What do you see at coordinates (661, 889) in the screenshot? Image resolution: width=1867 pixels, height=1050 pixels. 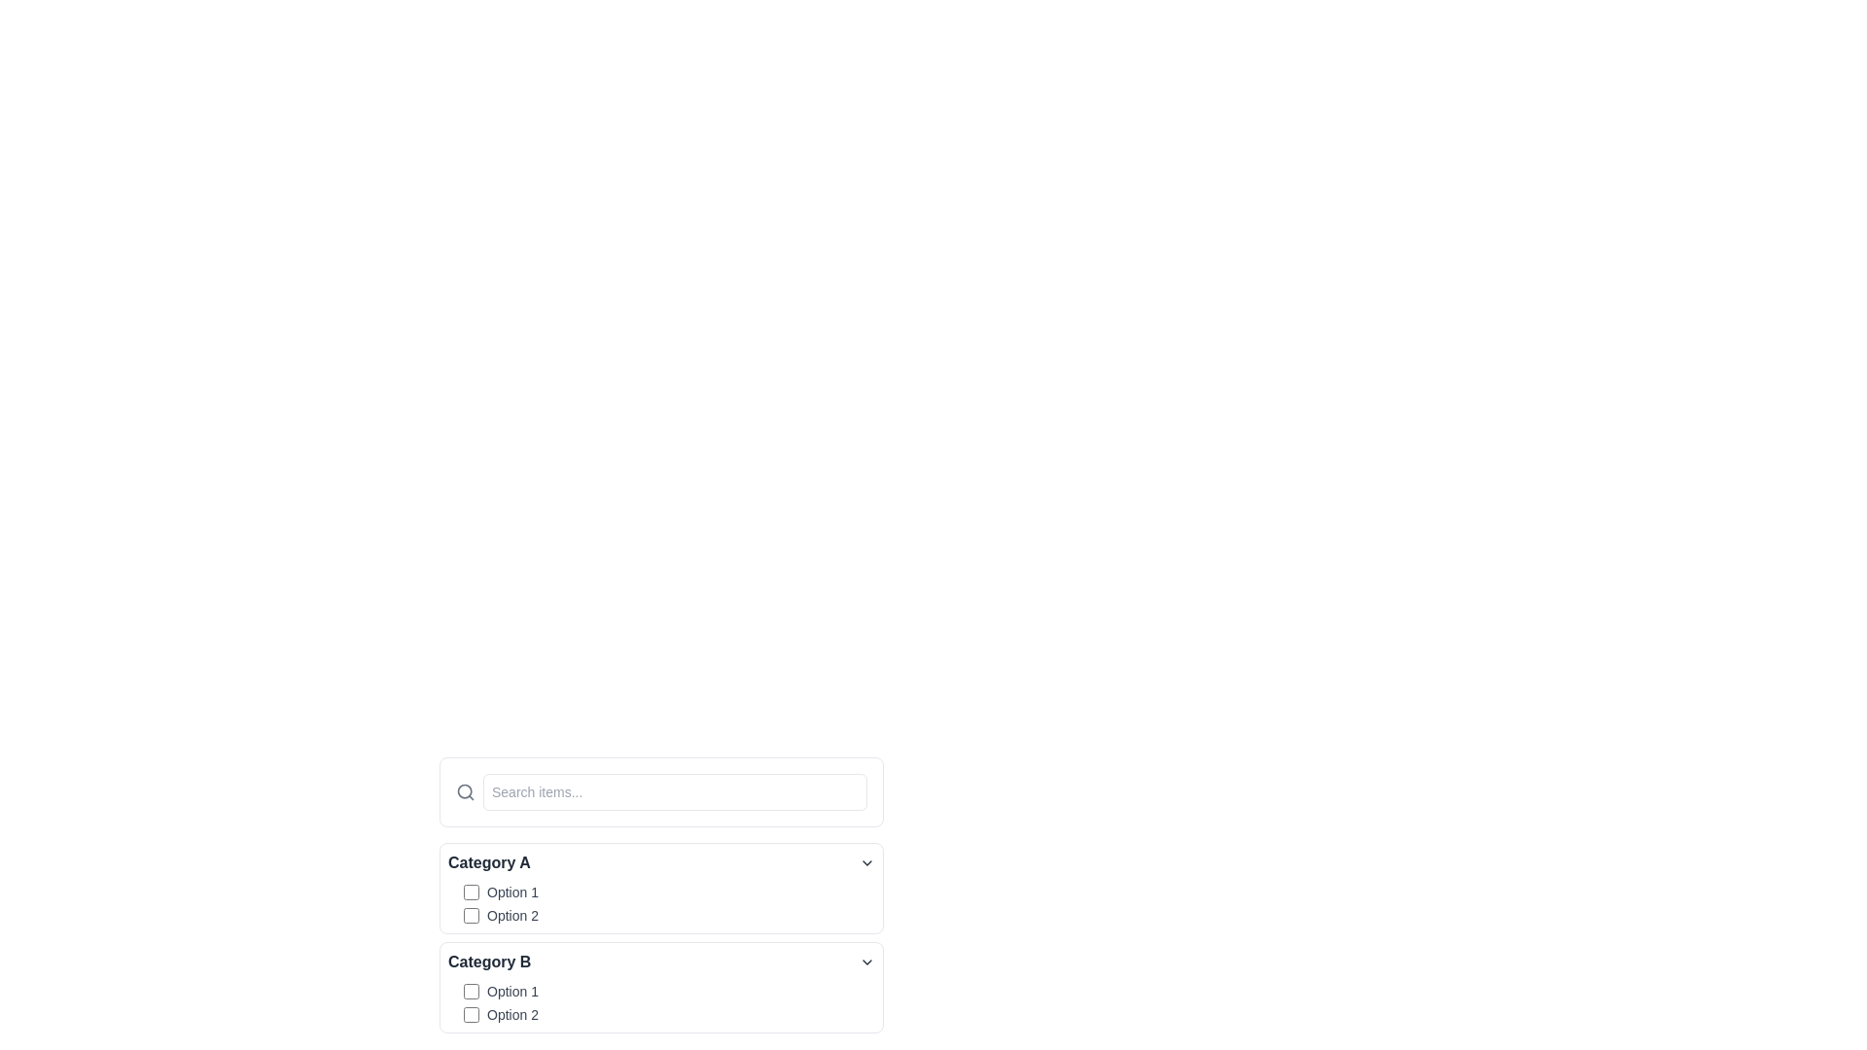 I see `the categorized item selector with checkboxes located directly under the search bar, which is the first of two sections stacked vertically` at bounding box center [661, 889].